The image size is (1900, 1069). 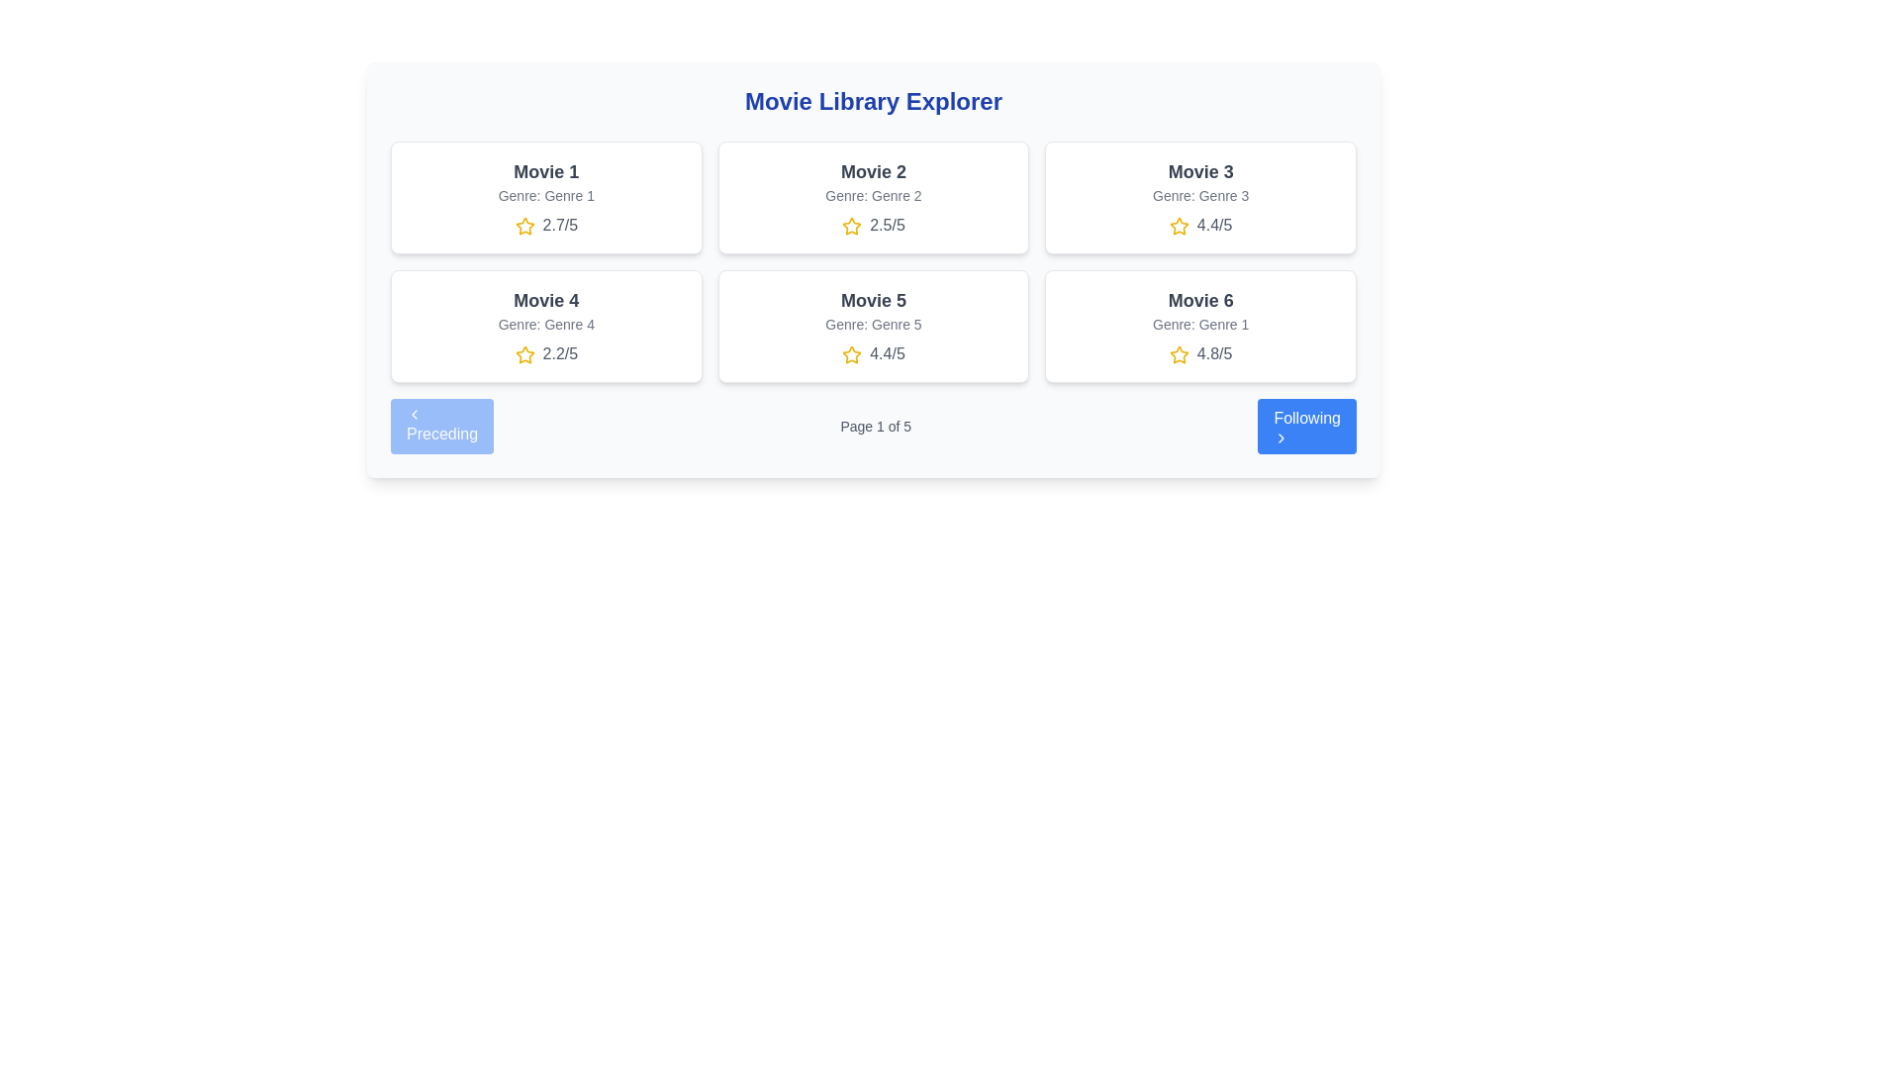 What do you see at coordinates (873, 301) in the screenshot?
I see `the static text element displaying the movie title, which is positioned at the top-center of the fifth card in a grid layout` at bounding box center [873, 301].